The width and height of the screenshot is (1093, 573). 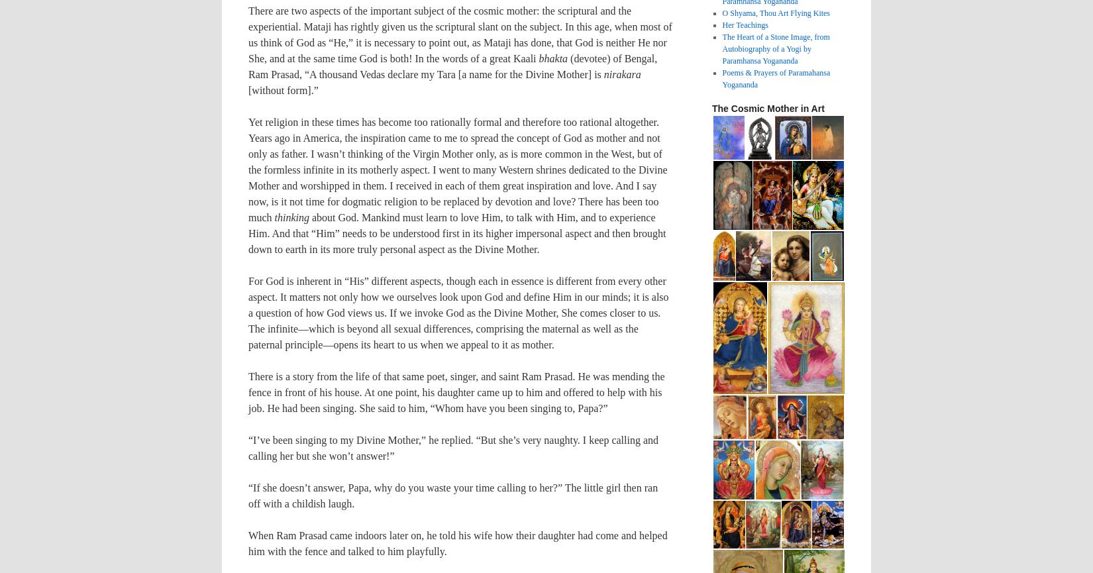 What do you see at coordinates (456, 233) in the screenshot?
I see `'about God. Mankind must learn to love Him, to talk with Him, and to experience Him. And that “Him” needs to be understood first in its higher impersonal aspect and then brought down to earth in its more truly personal aspect as the Divine Mother.'` at bounding box center [456, 233].